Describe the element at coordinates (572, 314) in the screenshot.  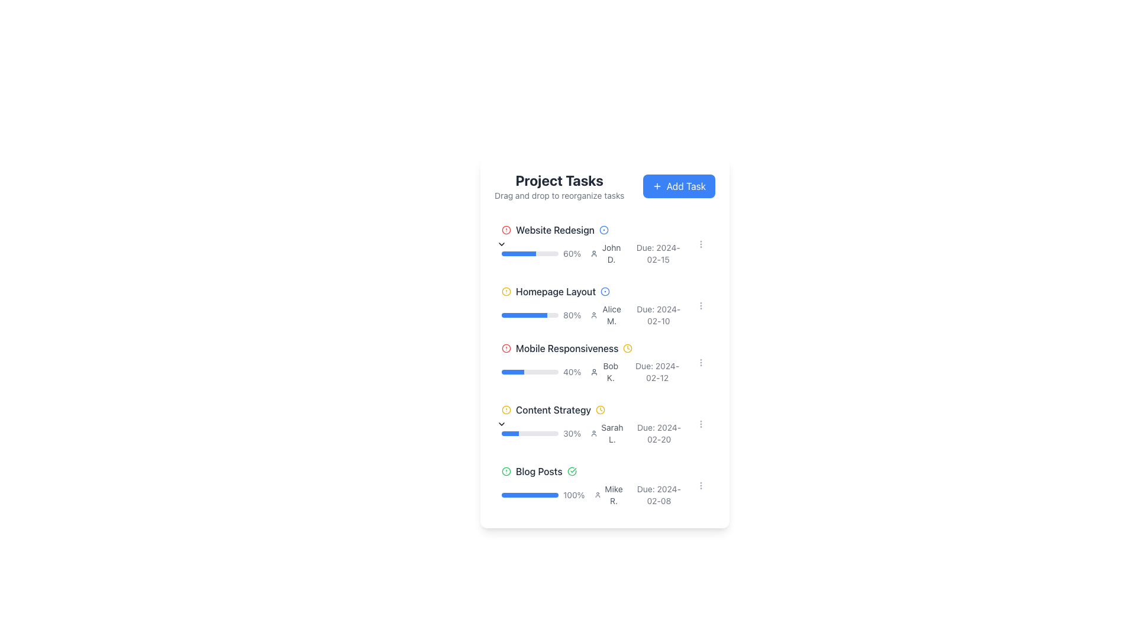
I see `the static text label displaying the percentage of progress located in the 'Homepage Layout' section, which is positioned to the right of the blue progress bar` at that location.